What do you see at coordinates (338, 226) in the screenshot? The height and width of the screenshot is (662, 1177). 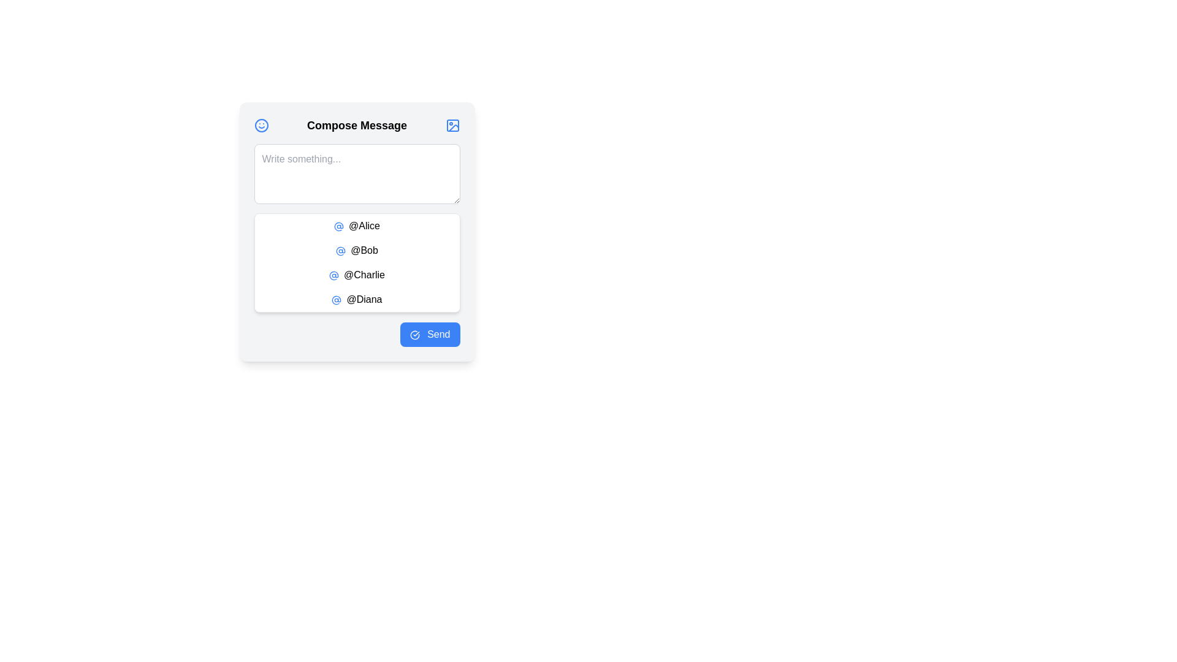 I see `the Decorative icon indicating the mention '@Alice' suggestion, which is located at the leftmost part of the first item in the vertical list under the 'Compose Message' input box` at bounding box center [338, 226].